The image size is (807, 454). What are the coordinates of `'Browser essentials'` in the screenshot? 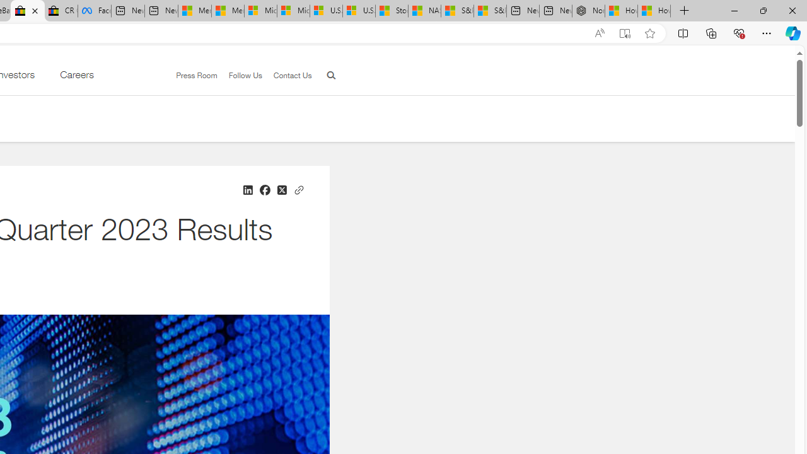 It's located at (738, 32).